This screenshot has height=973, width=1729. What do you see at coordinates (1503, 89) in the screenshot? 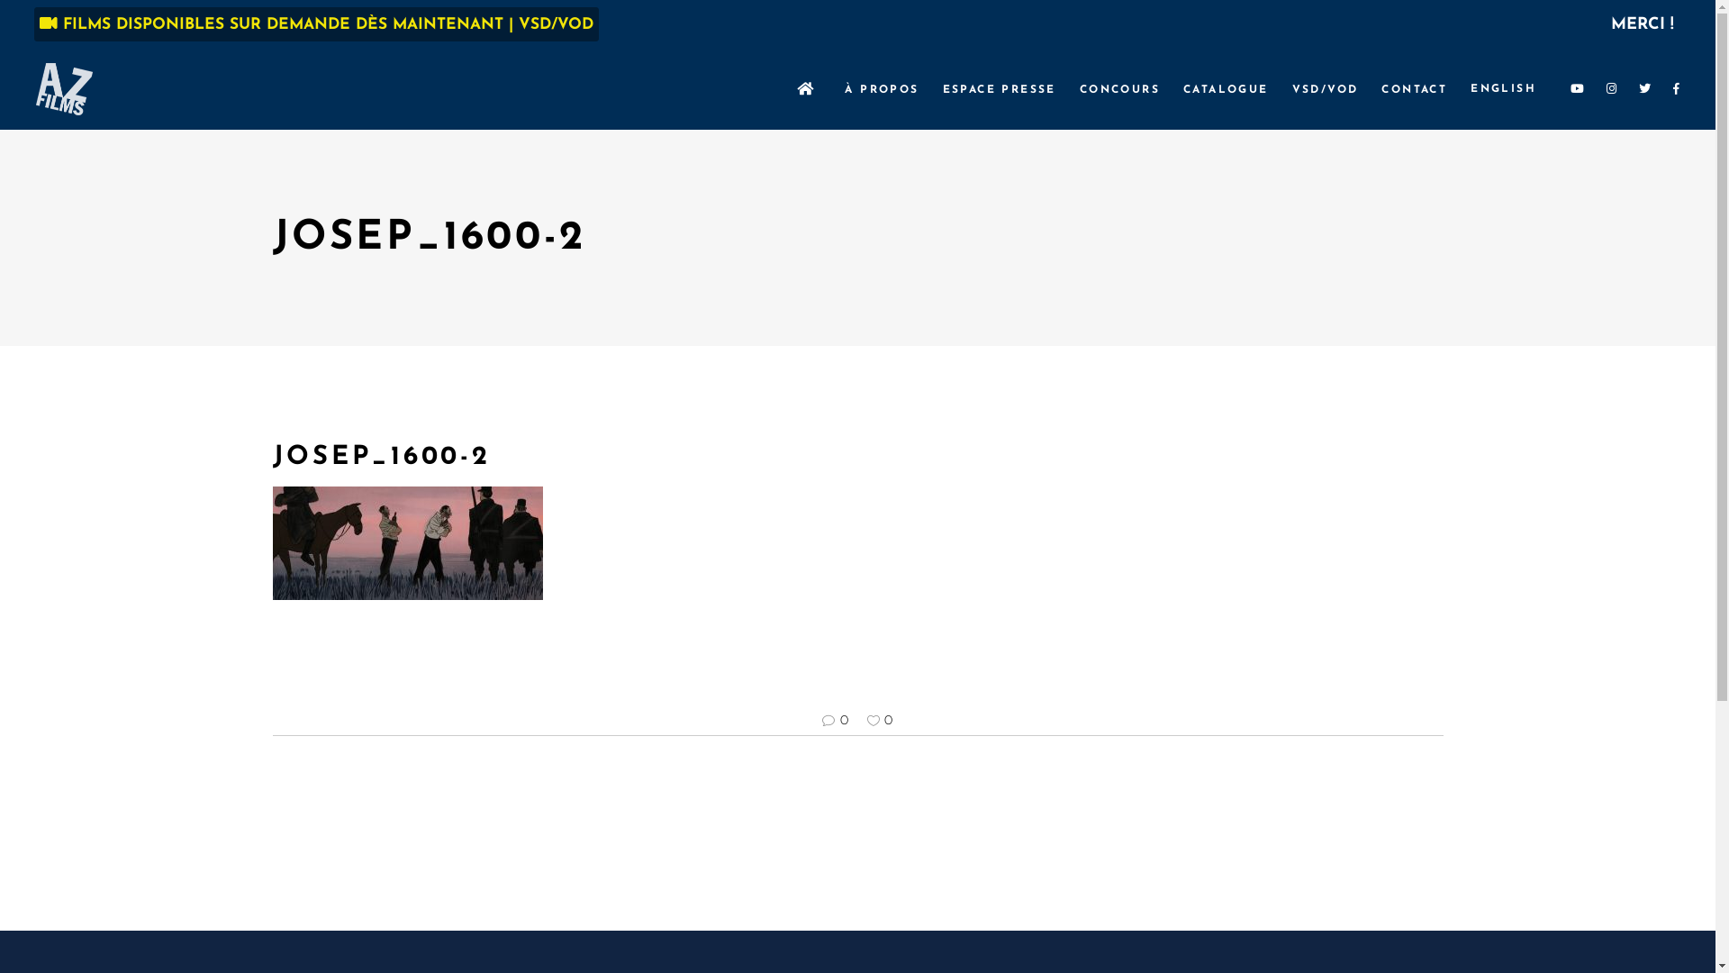
I see `'ENGLISH'` at bounding box center [1503, 89].